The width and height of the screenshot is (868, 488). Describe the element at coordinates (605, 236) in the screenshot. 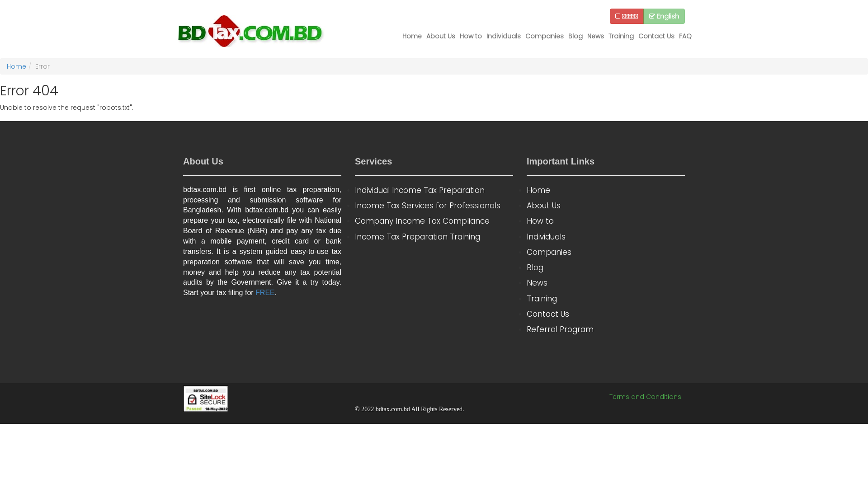

I see `'Individuals'` at that location.